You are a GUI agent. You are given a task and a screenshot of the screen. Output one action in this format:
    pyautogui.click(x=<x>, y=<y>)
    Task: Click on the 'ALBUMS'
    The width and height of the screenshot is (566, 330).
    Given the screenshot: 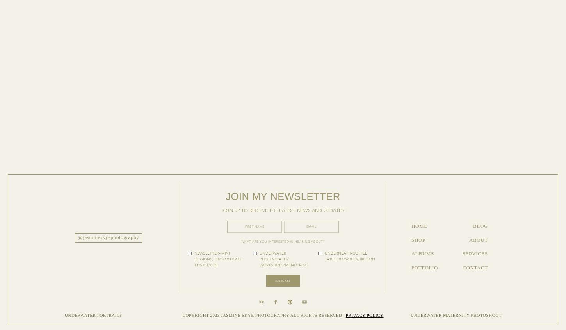 What is the action you would take?
    pyautogui.click(x=423, y=253)
    